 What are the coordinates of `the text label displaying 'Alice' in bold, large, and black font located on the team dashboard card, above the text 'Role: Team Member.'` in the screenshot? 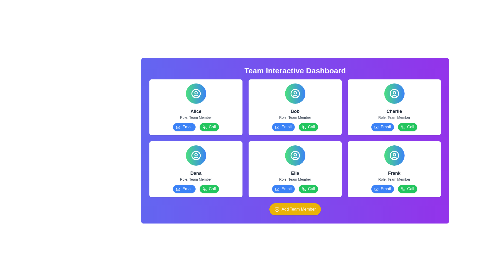 It's located at (196, 111).